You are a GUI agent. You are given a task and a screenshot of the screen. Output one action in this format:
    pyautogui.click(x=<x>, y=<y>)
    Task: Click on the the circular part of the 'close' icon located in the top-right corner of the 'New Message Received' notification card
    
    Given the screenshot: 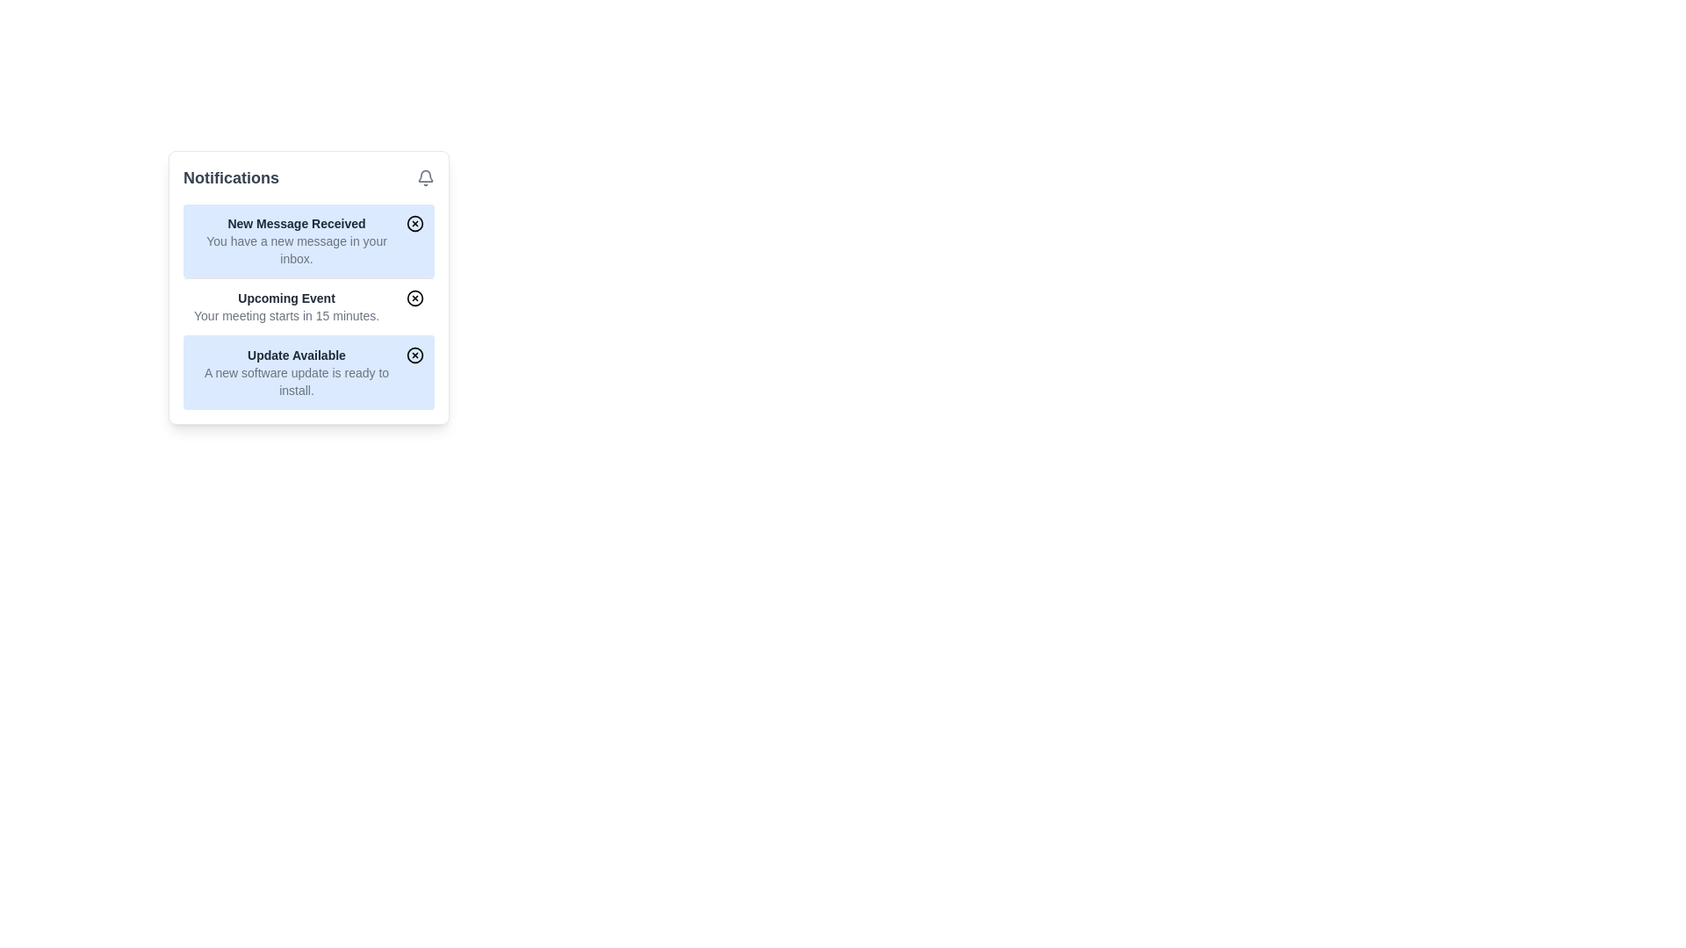 What is the action you would take?
    pyautogui.click(x=414, y=222)
    